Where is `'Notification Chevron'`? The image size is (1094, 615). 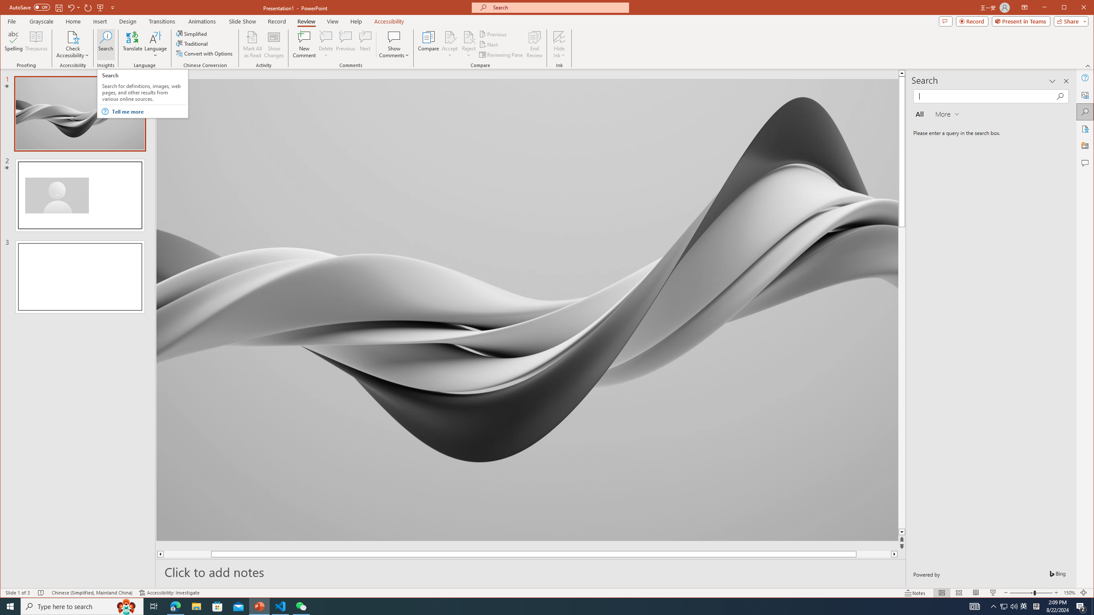
'Notification Chevron' is located at coordinates (993, 606).